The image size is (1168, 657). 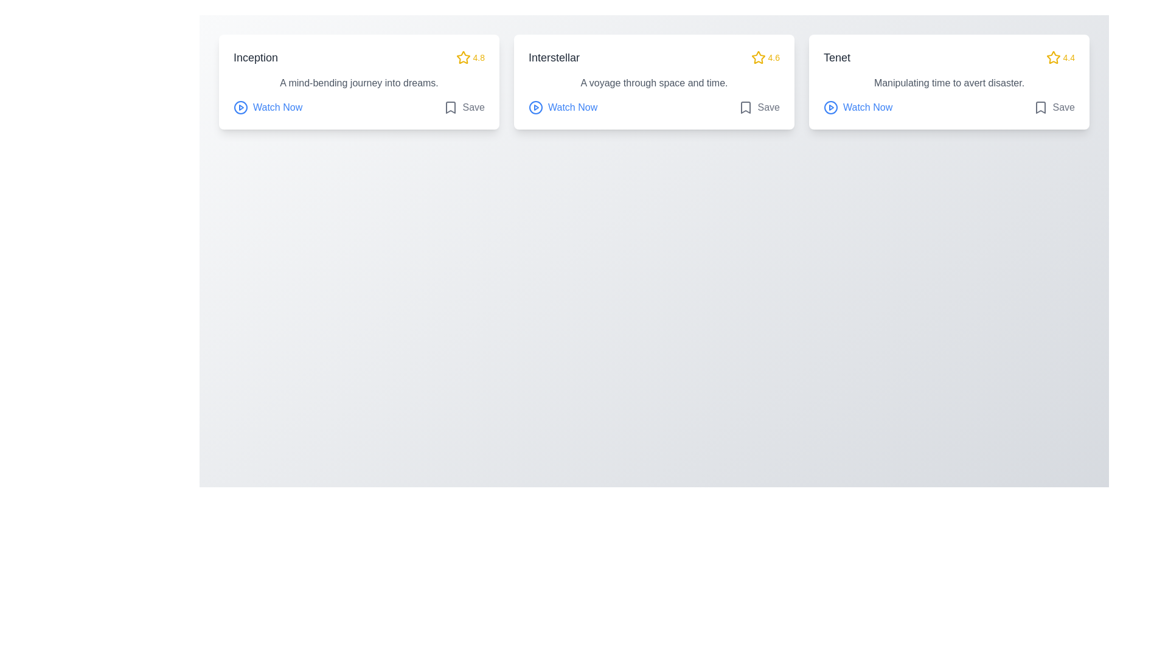 I want to click on the 'Watch Now' button with blue text and a play icon, located below the title 'Interstellar' in the second card, to change its color from blue-500 to blue-700, so click(x=562, y=107).